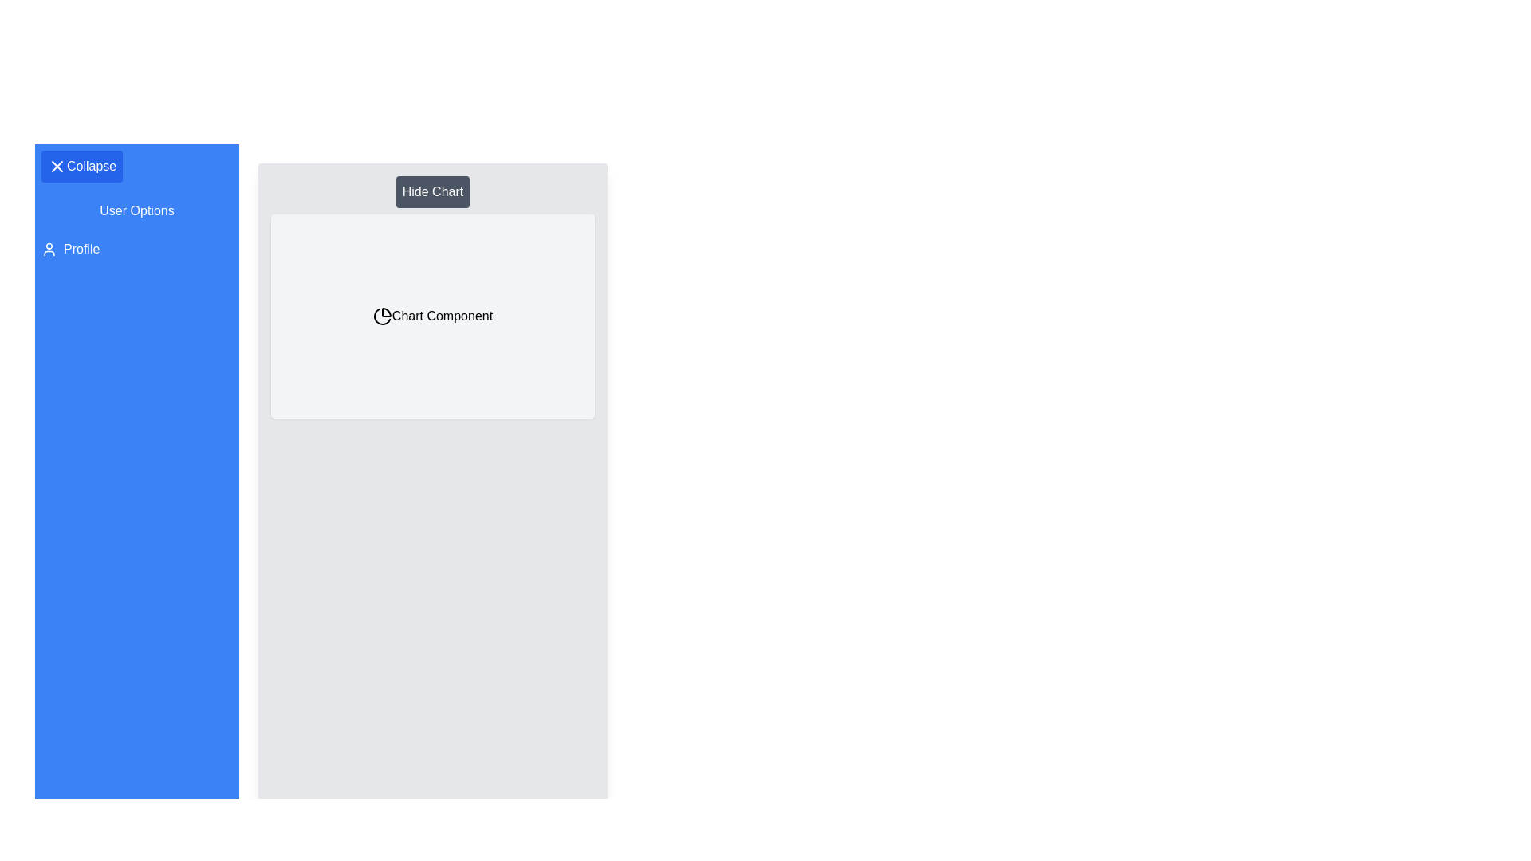  I want to click on the 'Profile' text label displayed in white against the blue sidebar background, located below the 'User Options' title and next to the user avatar icon, so click(81, 249).